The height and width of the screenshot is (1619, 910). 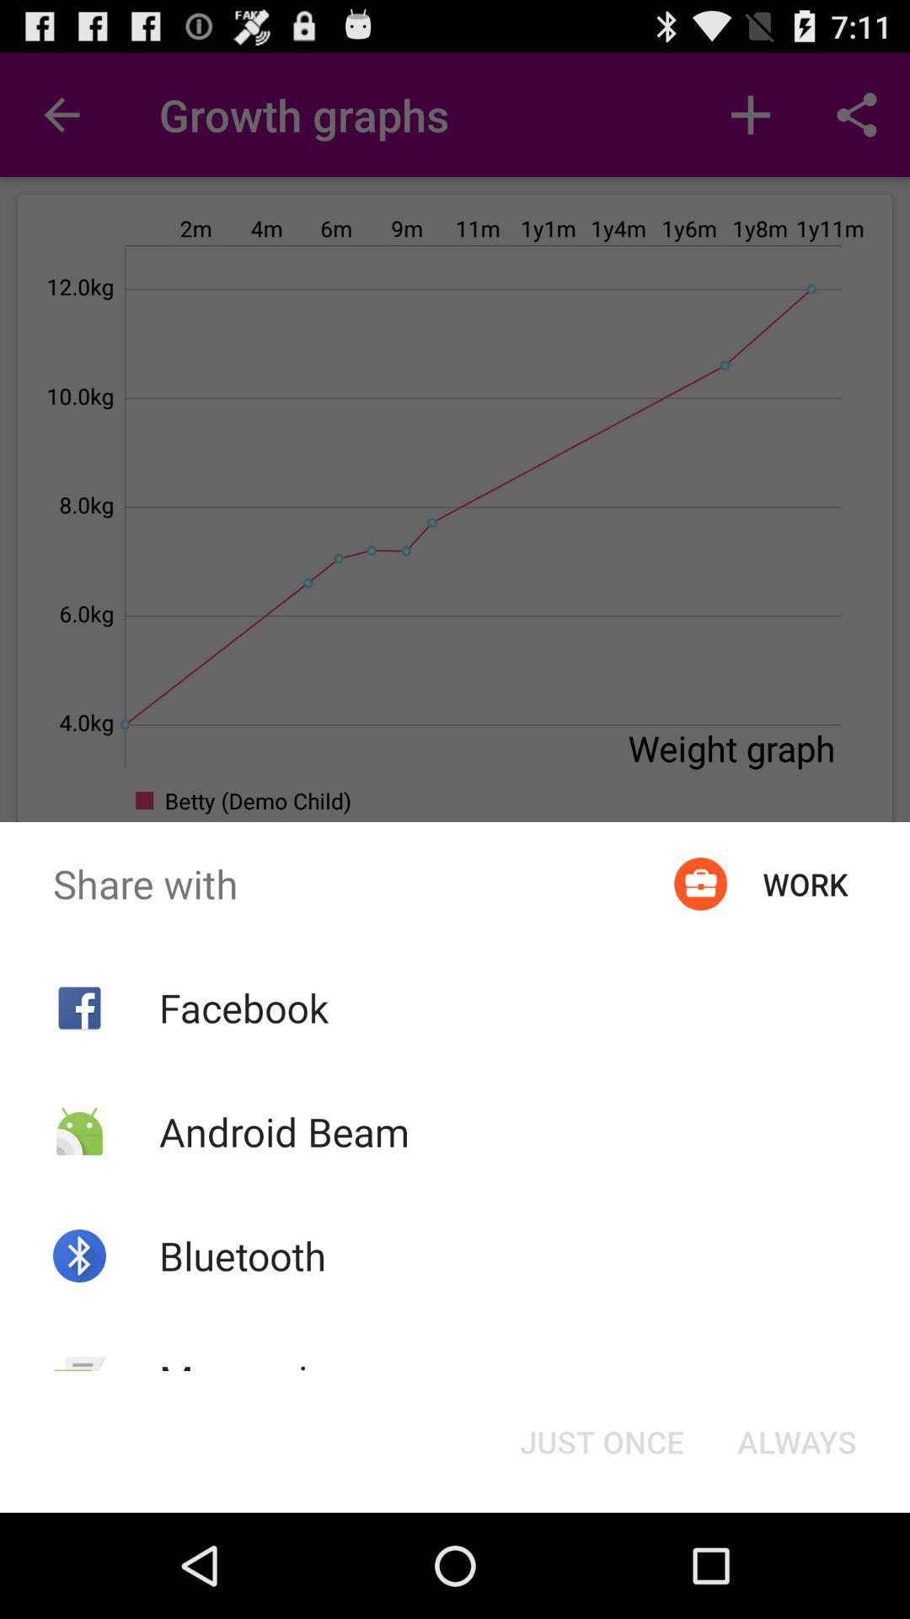 What do you see at coordinates (601, 1440) in the screenshot?
I see `item below the share with item` at bounding box center [601, 1440].